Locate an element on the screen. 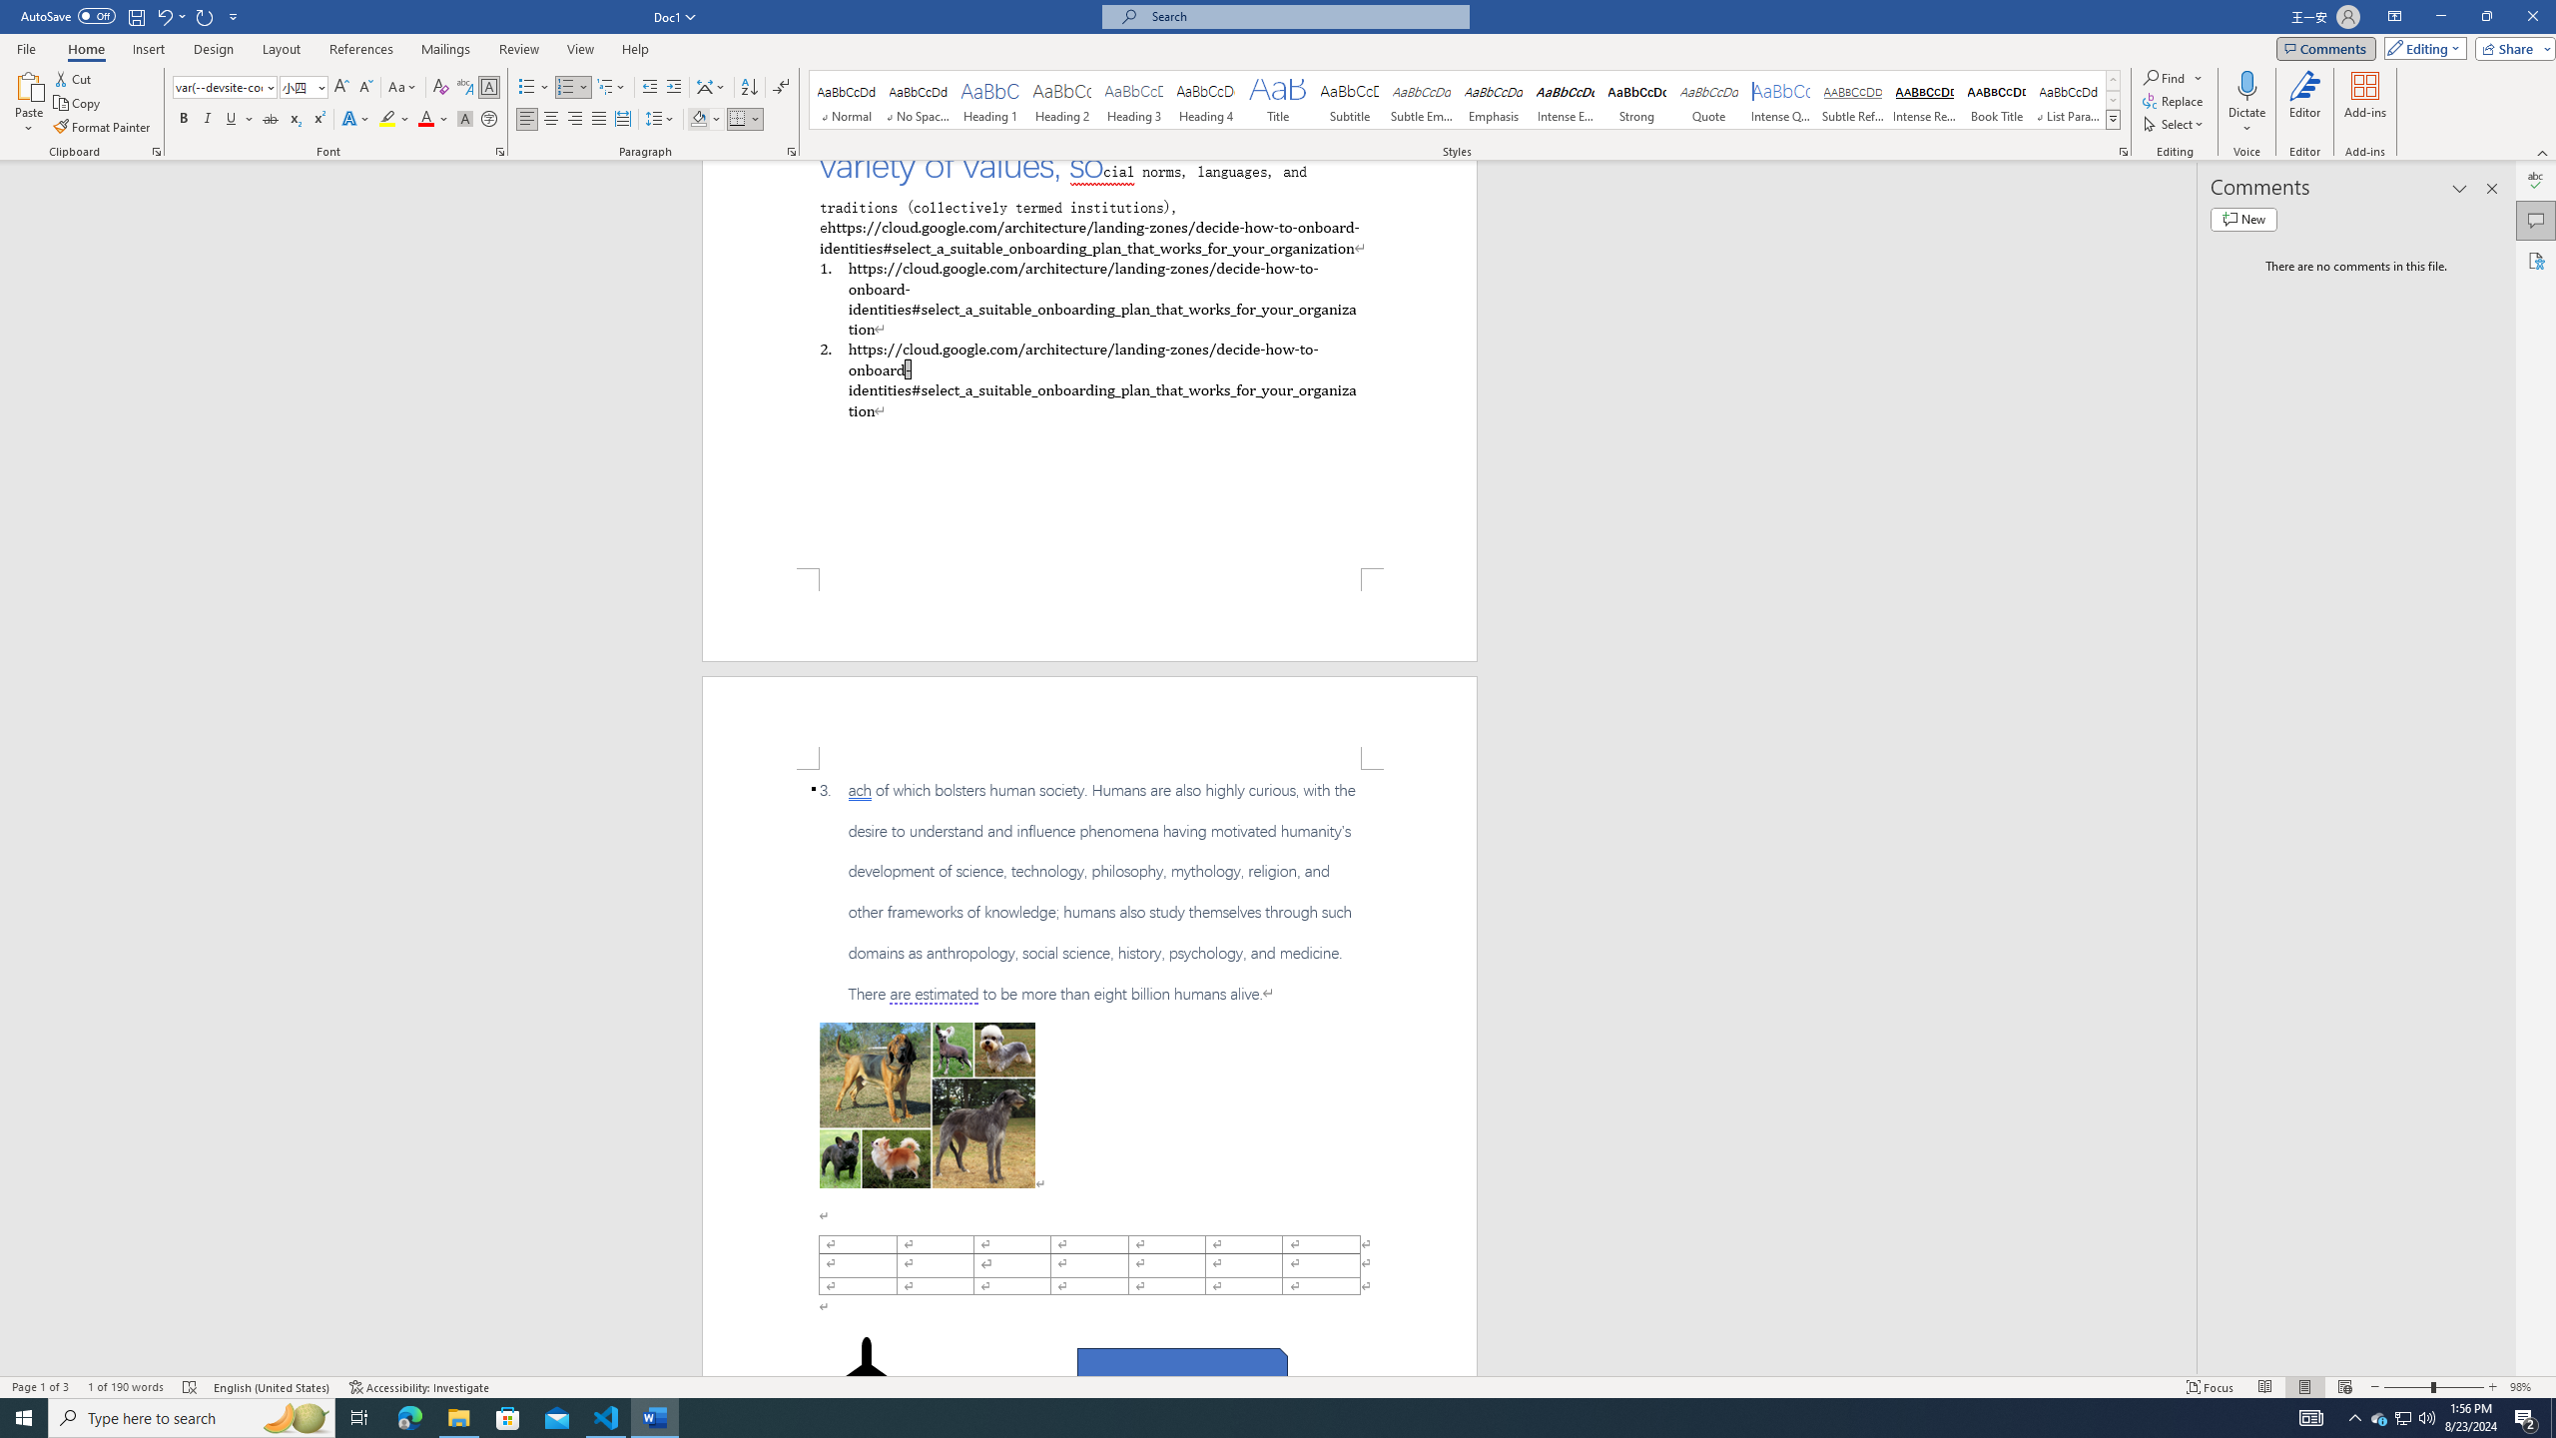 The width and height of the screenshot is (2556, 1438). 'Heading 1' is located at coordinates (989, 99).